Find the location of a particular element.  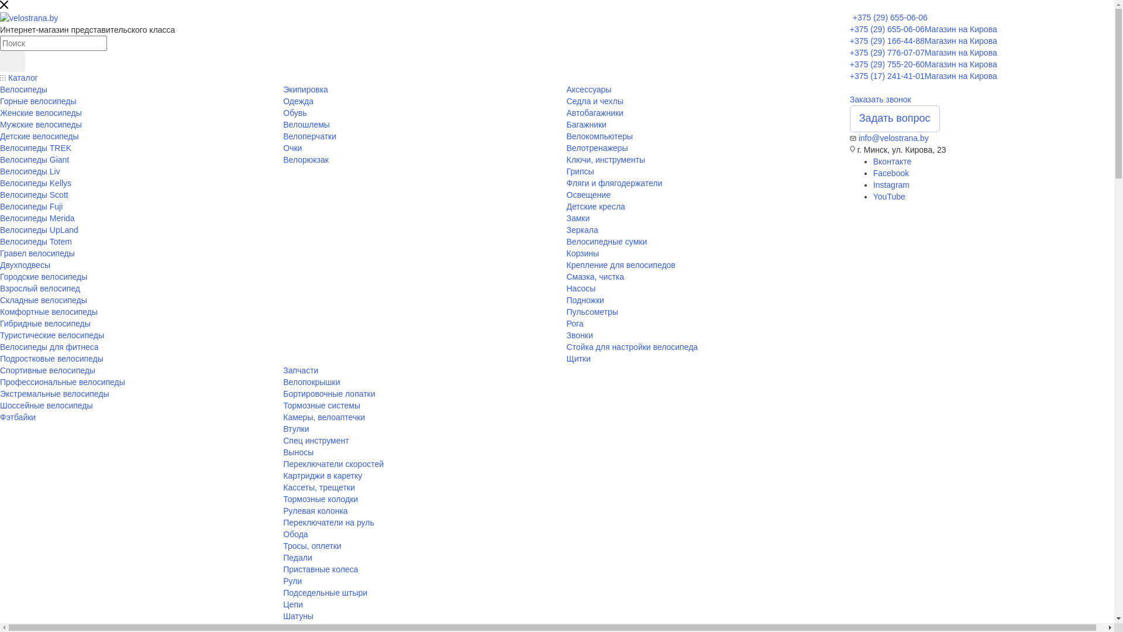

'info@velostrana.by' is located at coordinates (893, 137).